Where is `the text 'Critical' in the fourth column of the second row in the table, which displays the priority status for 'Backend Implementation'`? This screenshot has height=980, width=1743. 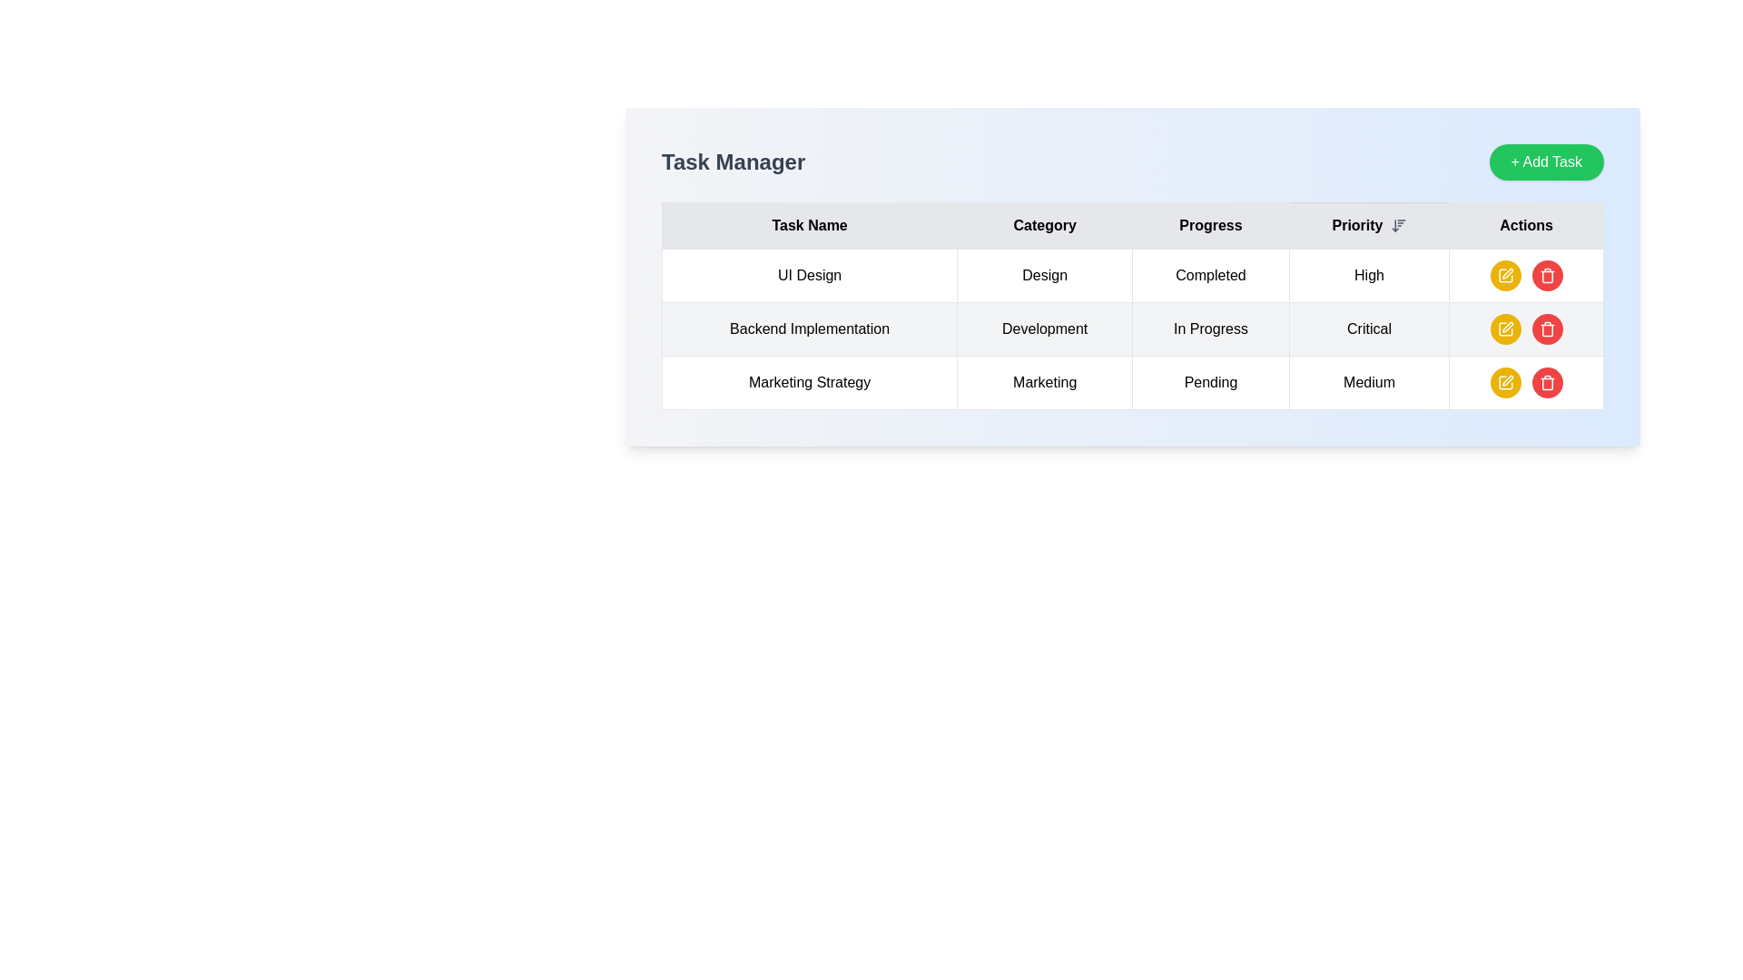 the text 'Critical' in the fourth column of the second row in the table, which displays the priority status for 'Backend Implementation' is located at coordinates (1368, 328).